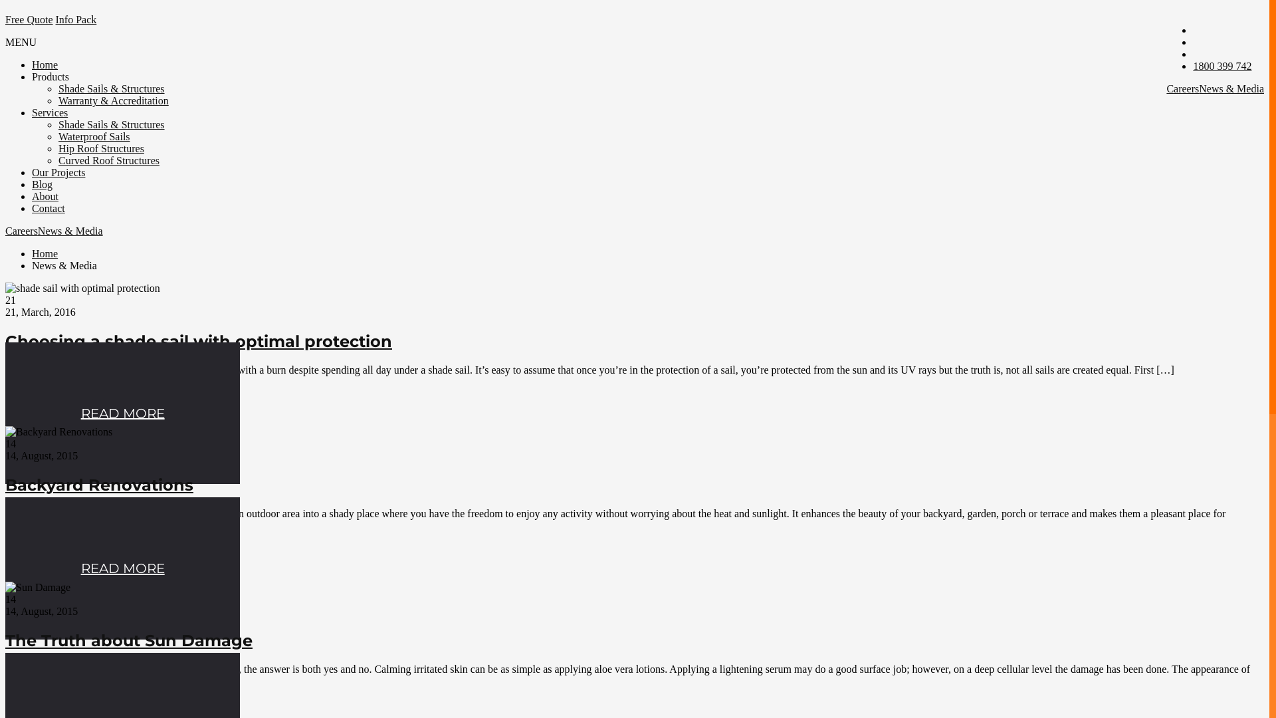 Image resolution: width=1276 pixels, height=718 pixels. What do you see at coordinates (57, 172) in the screenshot?
I see `'Our Projects'` at bounding box center [57, 172].